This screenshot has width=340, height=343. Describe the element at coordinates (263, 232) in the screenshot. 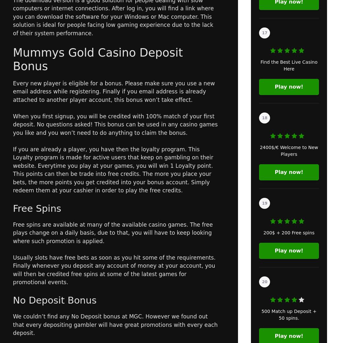

I see `'200$ + 200 Free spins'` at that location.